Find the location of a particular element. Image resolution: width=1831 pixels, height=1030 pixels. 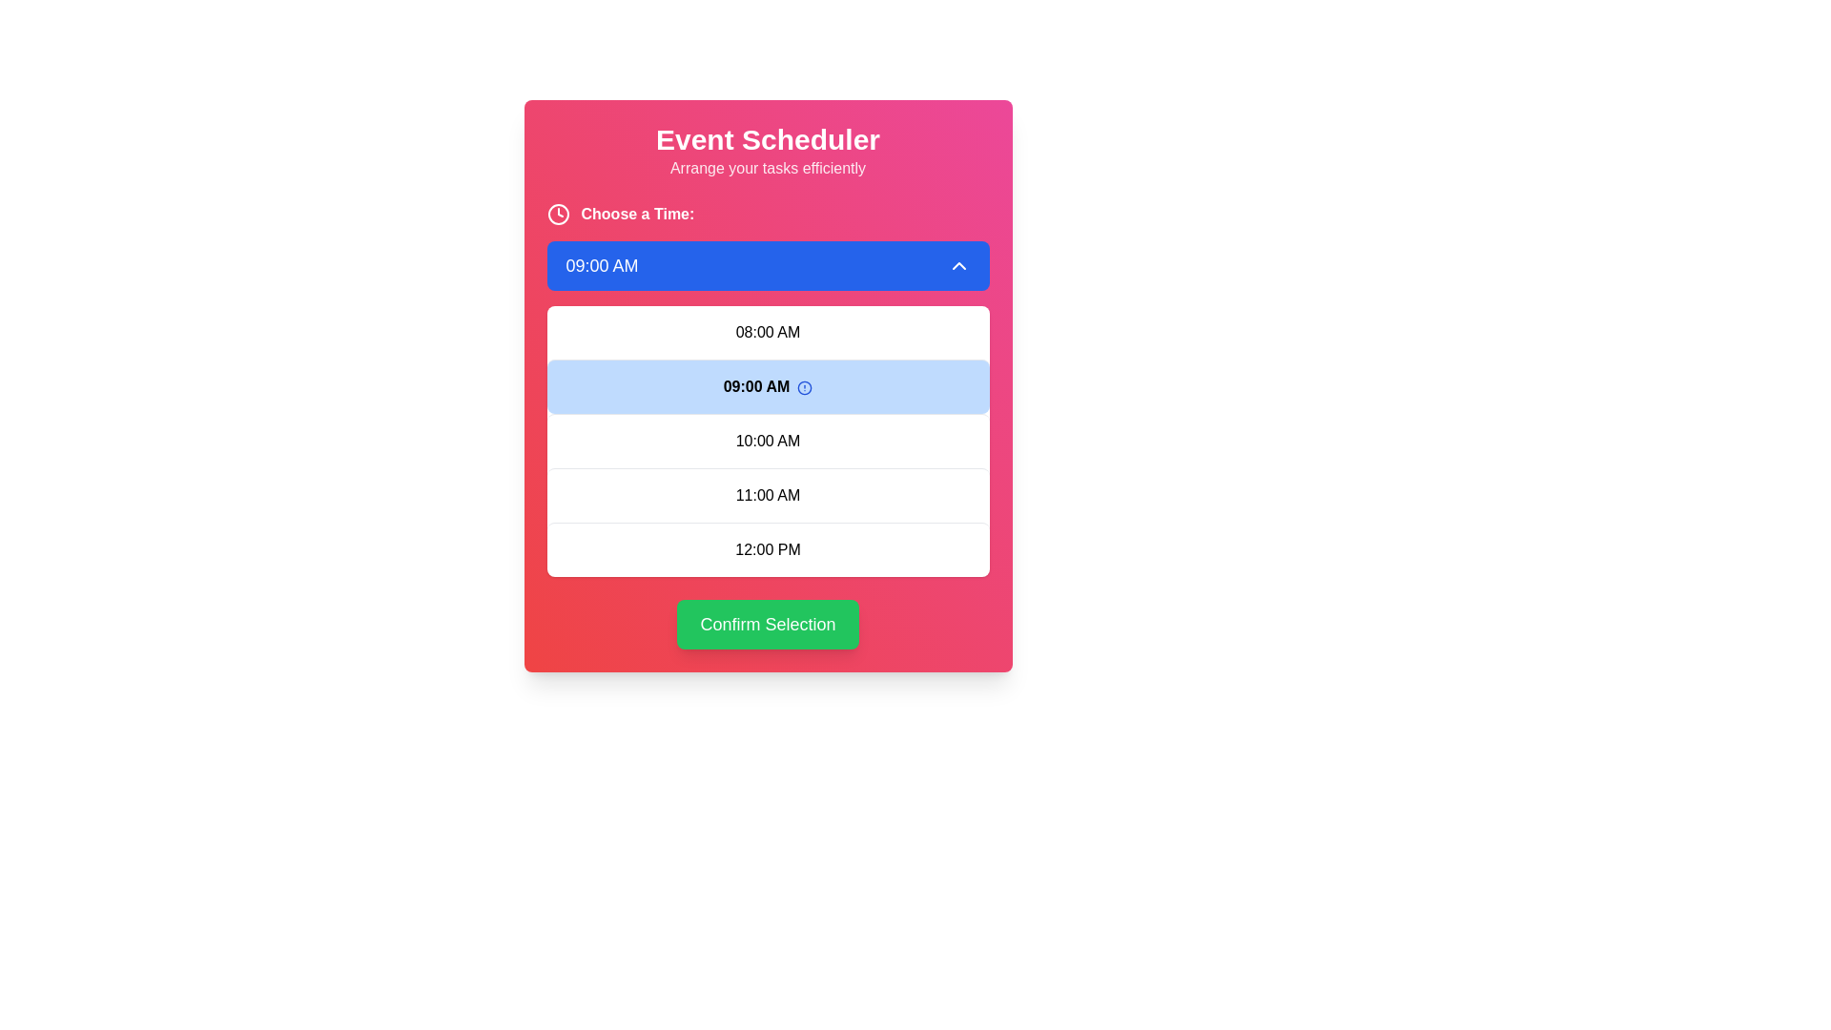

the '12:00 PM' time choice in the dropdown menu is located at coordinates (768, 549).